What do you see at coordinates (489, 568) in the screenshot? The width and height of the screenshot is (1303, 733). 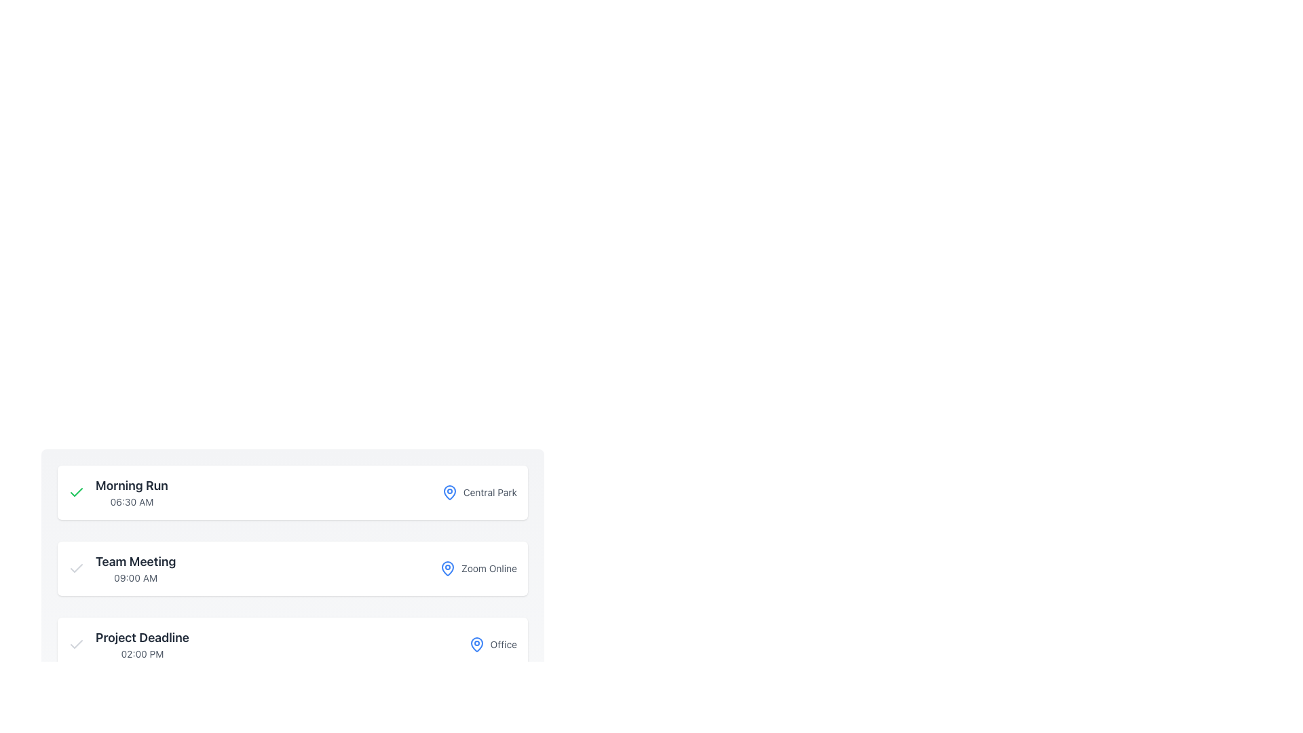 I see `the text label indicating the meeting's location type, which describes the meeting as online and is positioned in the middle of the interface as the last sibling element after a blue location icon` at bounding box center [489, 568].